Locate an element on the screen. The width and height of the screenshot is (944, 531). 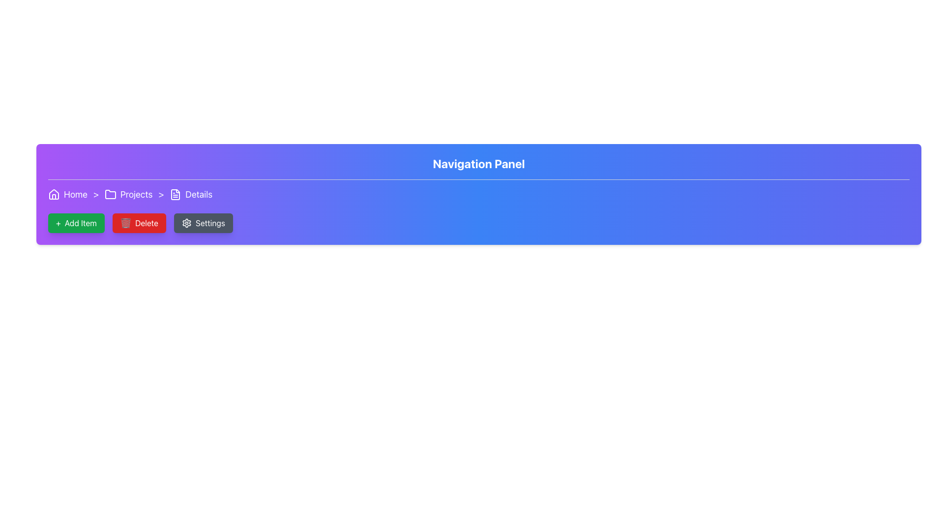
the purple-tinted document icon representing the 'Details' breadcrumb item is located at coordinates (176, 195).